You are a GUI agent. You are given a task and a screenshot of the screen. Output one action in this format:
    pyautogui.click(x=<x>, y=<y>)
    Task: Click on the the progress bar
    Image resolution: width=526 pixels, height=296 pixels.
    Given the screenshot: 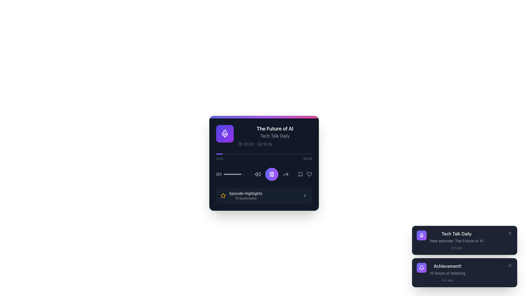 What is the action you would take?
    pyautogui.click(x=228, y=174)
    